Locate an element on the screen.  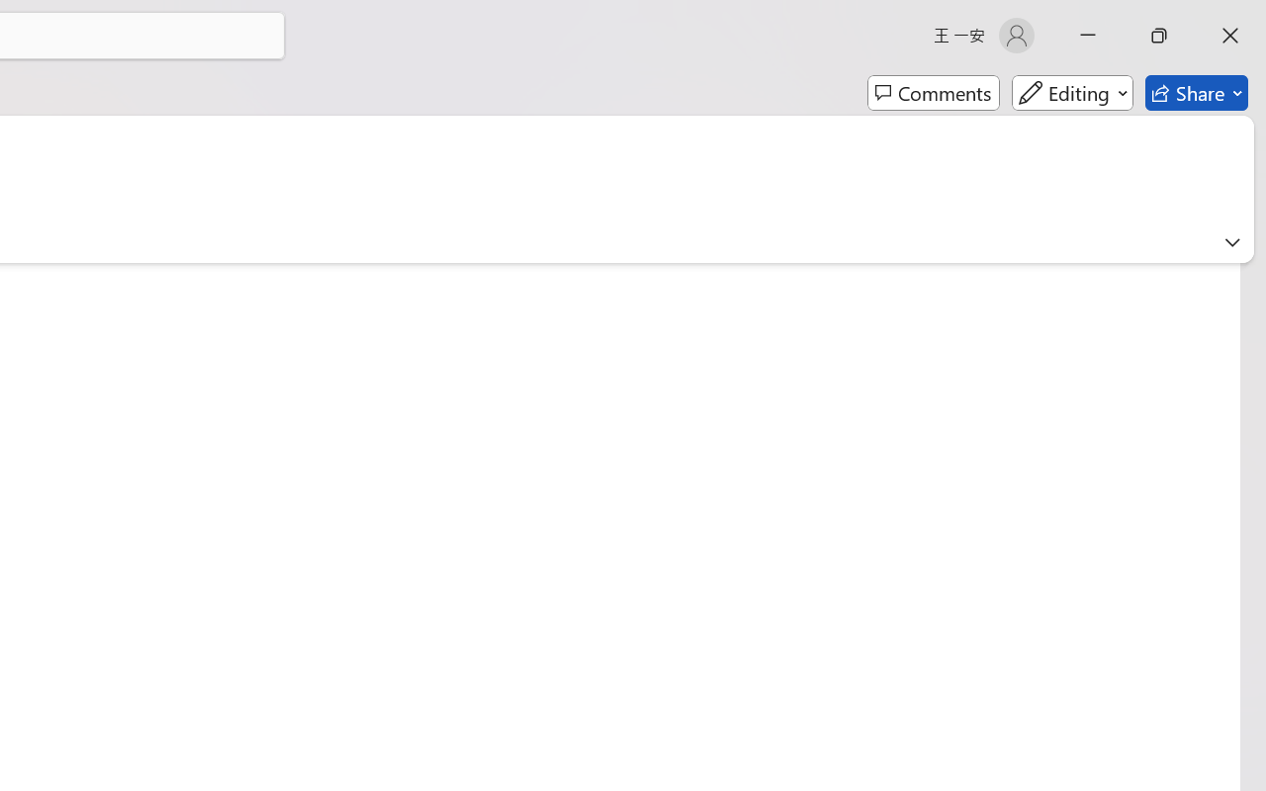
'Mode' is located at coordinates (1071, 93).